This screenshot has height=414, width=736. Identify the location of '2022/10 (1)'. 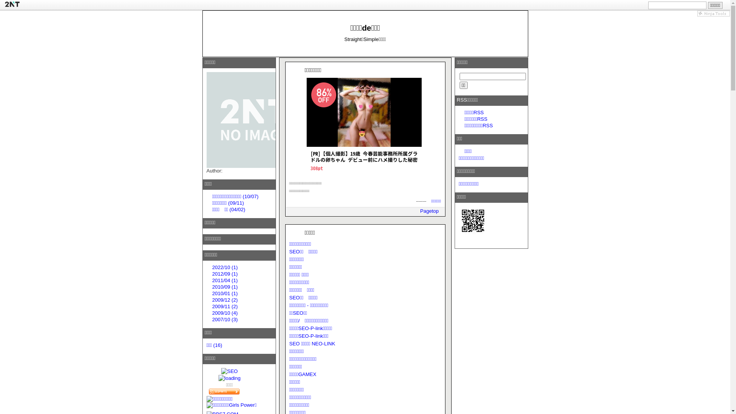
(225, 267).